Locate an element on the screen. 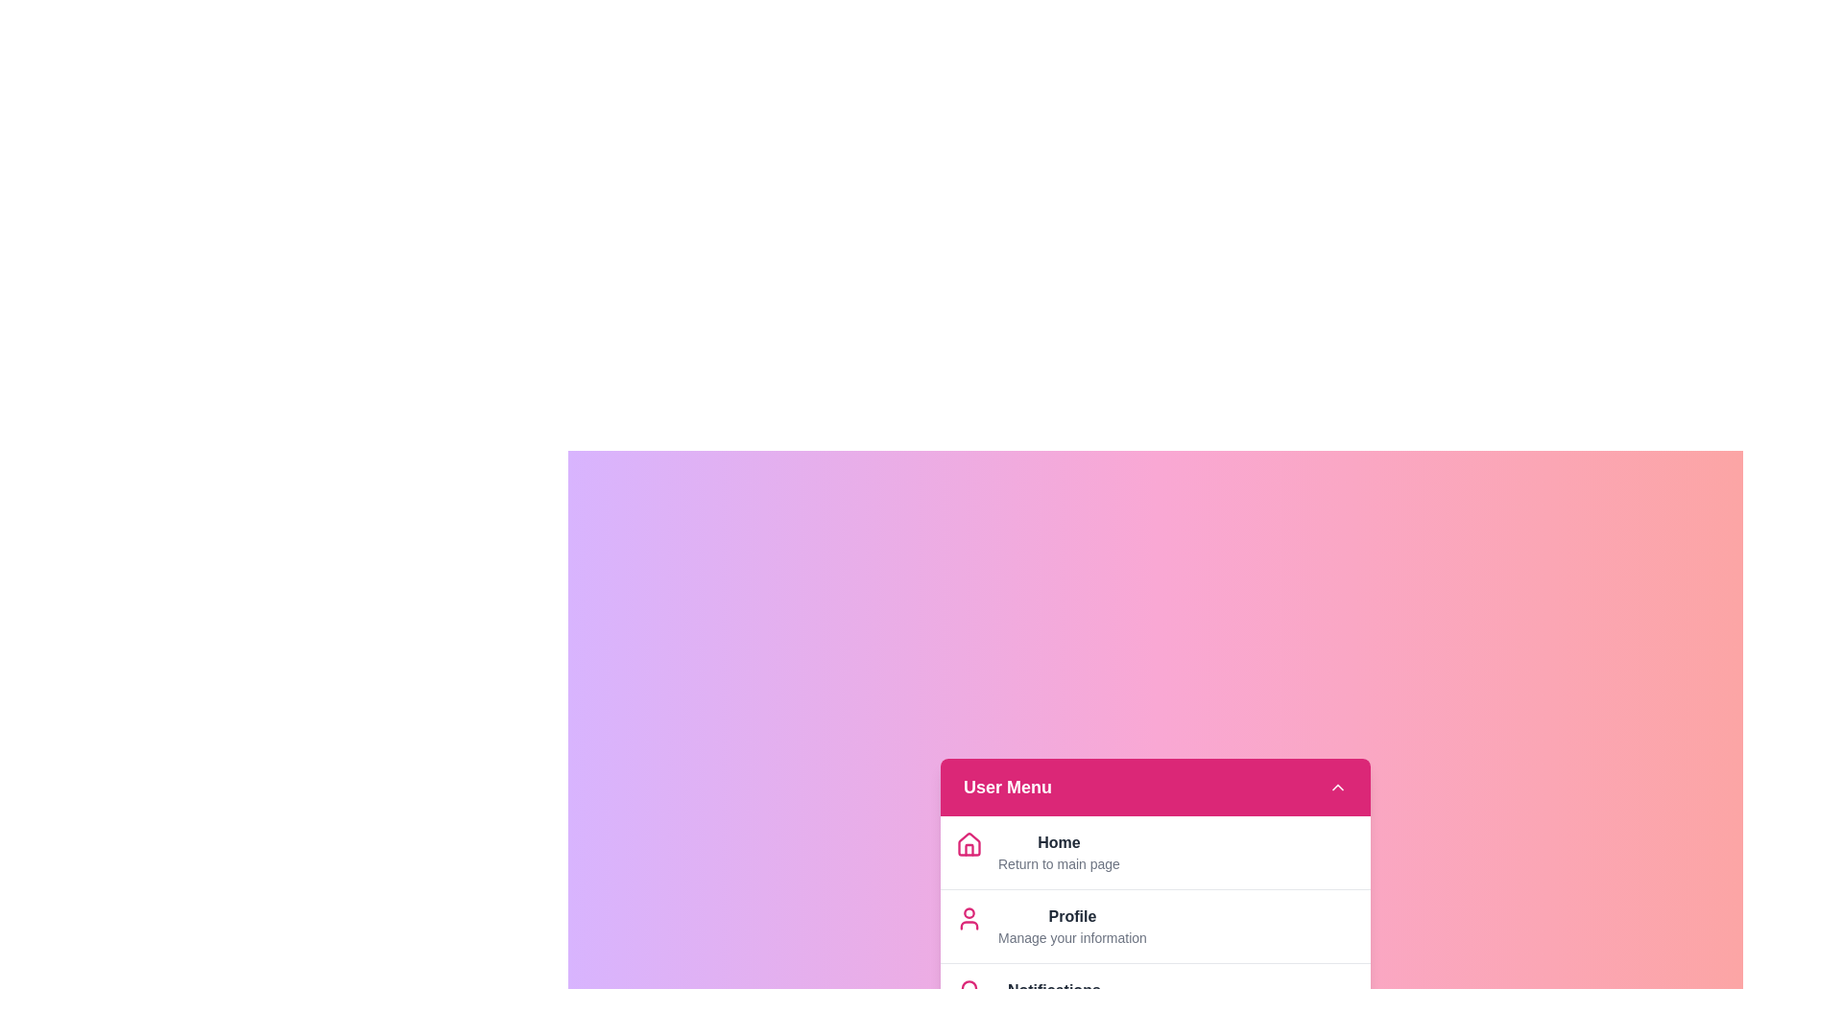  the menu item Profile from the EnhancedUserMenu is located at coordinates (1071, 915).